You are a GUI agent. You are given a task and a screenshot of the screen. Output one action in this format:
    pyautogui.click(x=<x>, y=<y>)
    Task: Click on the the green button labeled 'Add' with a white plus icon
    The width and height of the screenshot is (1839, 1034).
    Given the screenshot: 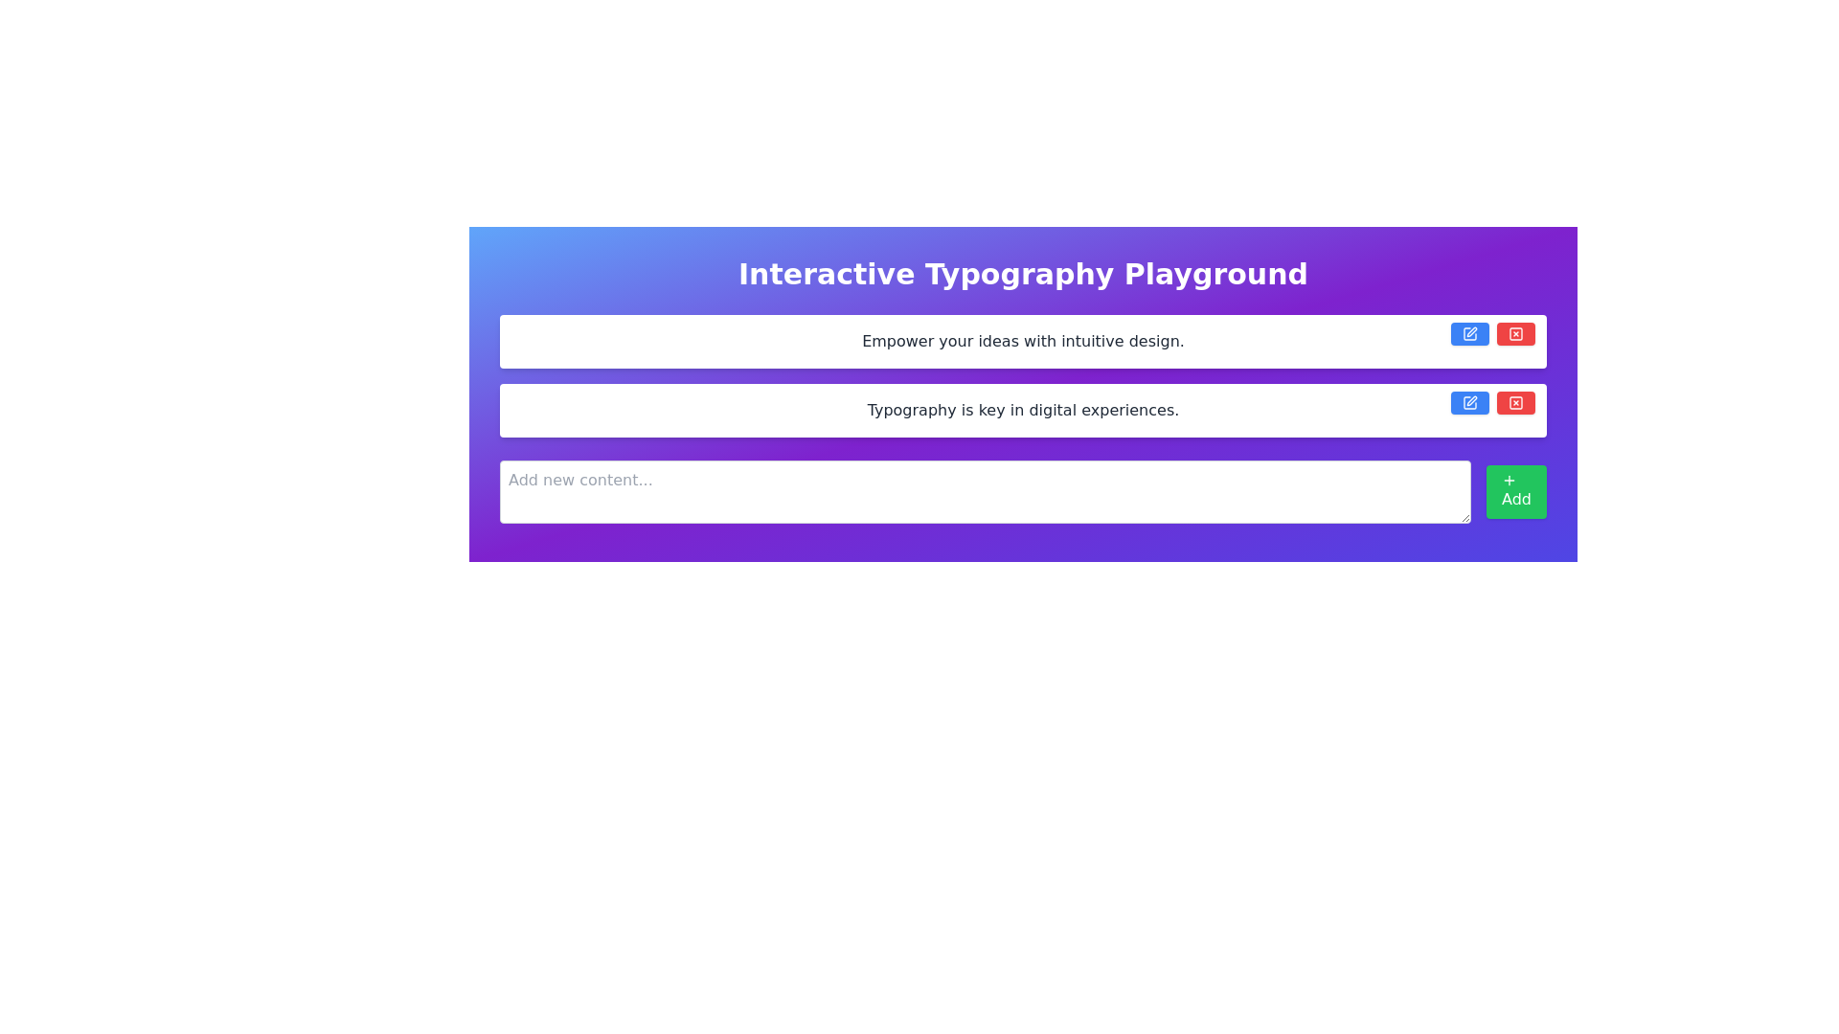 What is the action you would take?
    pyautogui.click(x=1515, y=490)
    